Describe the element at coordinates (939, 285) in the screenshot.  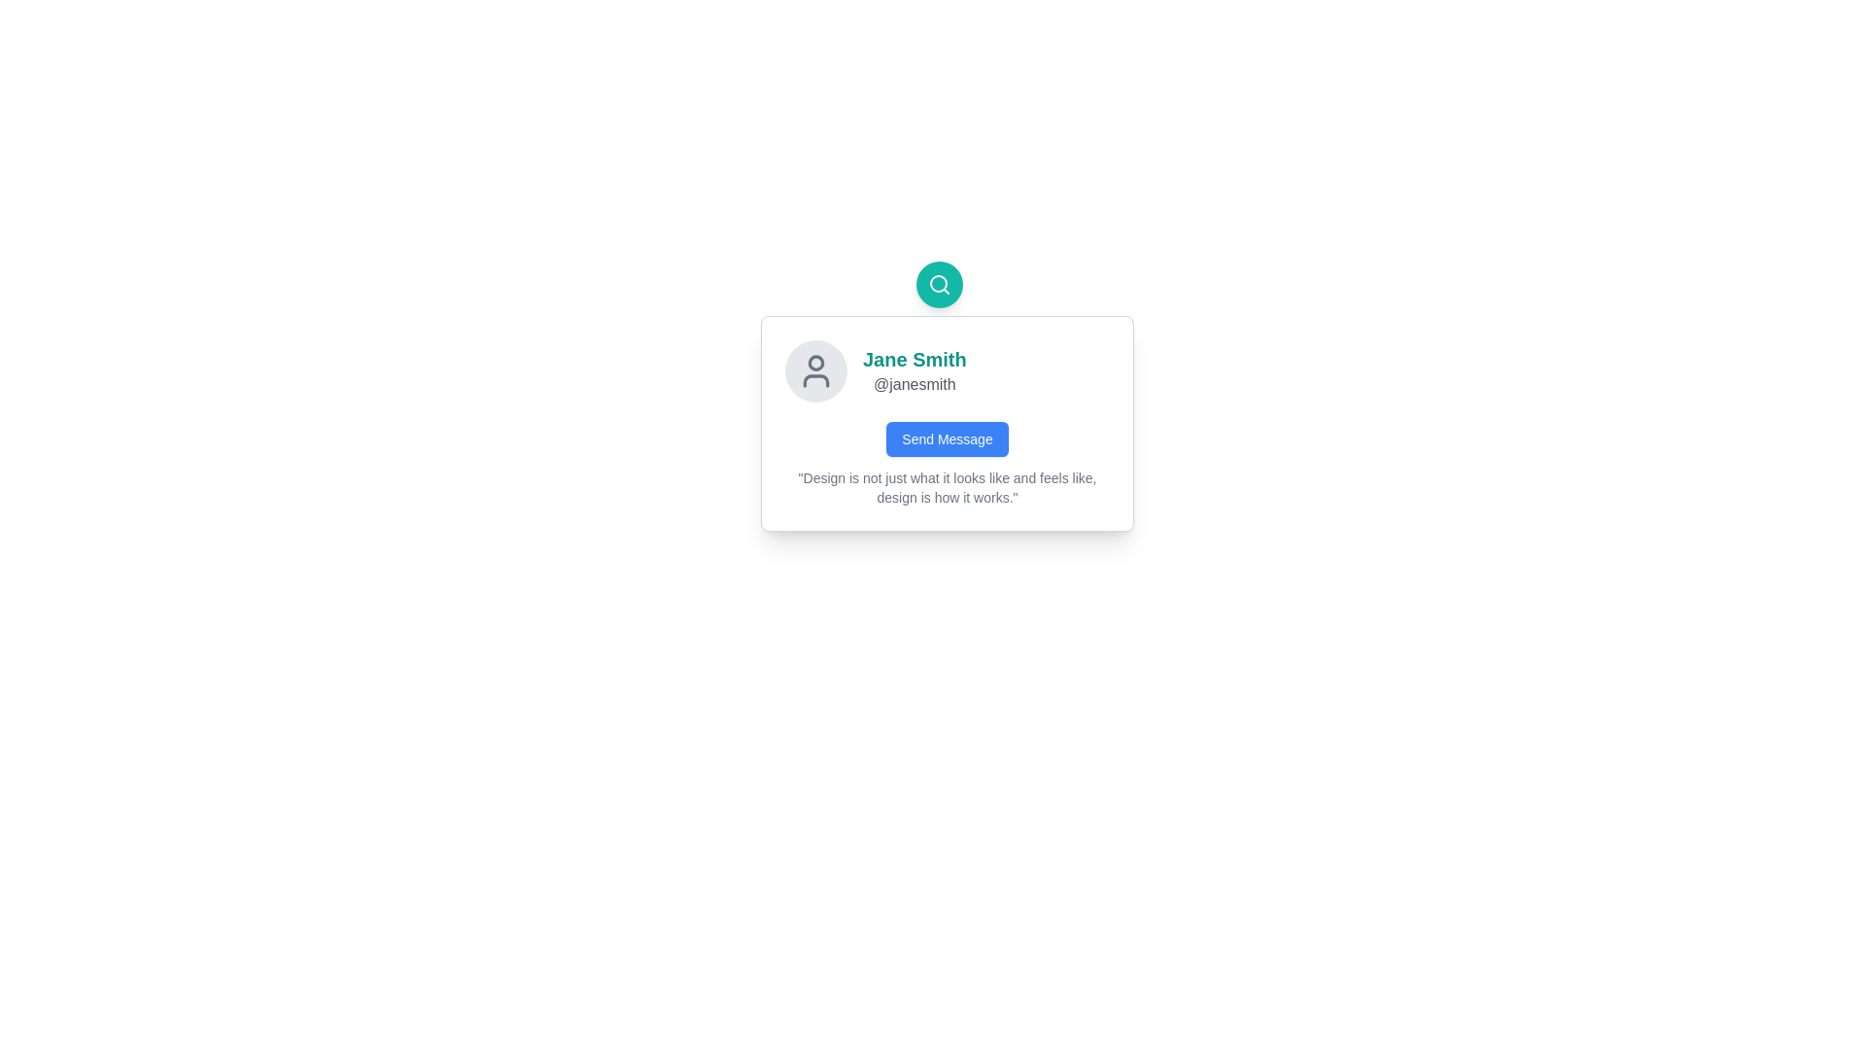
I see `the magnifying glass icon, which is styled as a simple search symbol within a teal circular button` at that location.